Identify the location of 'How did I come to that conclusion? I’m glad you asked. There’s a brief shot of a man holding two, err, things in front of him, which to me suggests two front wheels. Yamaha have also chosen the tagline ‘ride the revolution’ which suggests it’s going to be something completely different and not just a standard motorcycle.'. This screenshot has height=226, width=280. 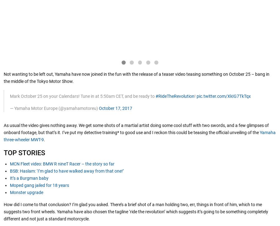
(136, 212).